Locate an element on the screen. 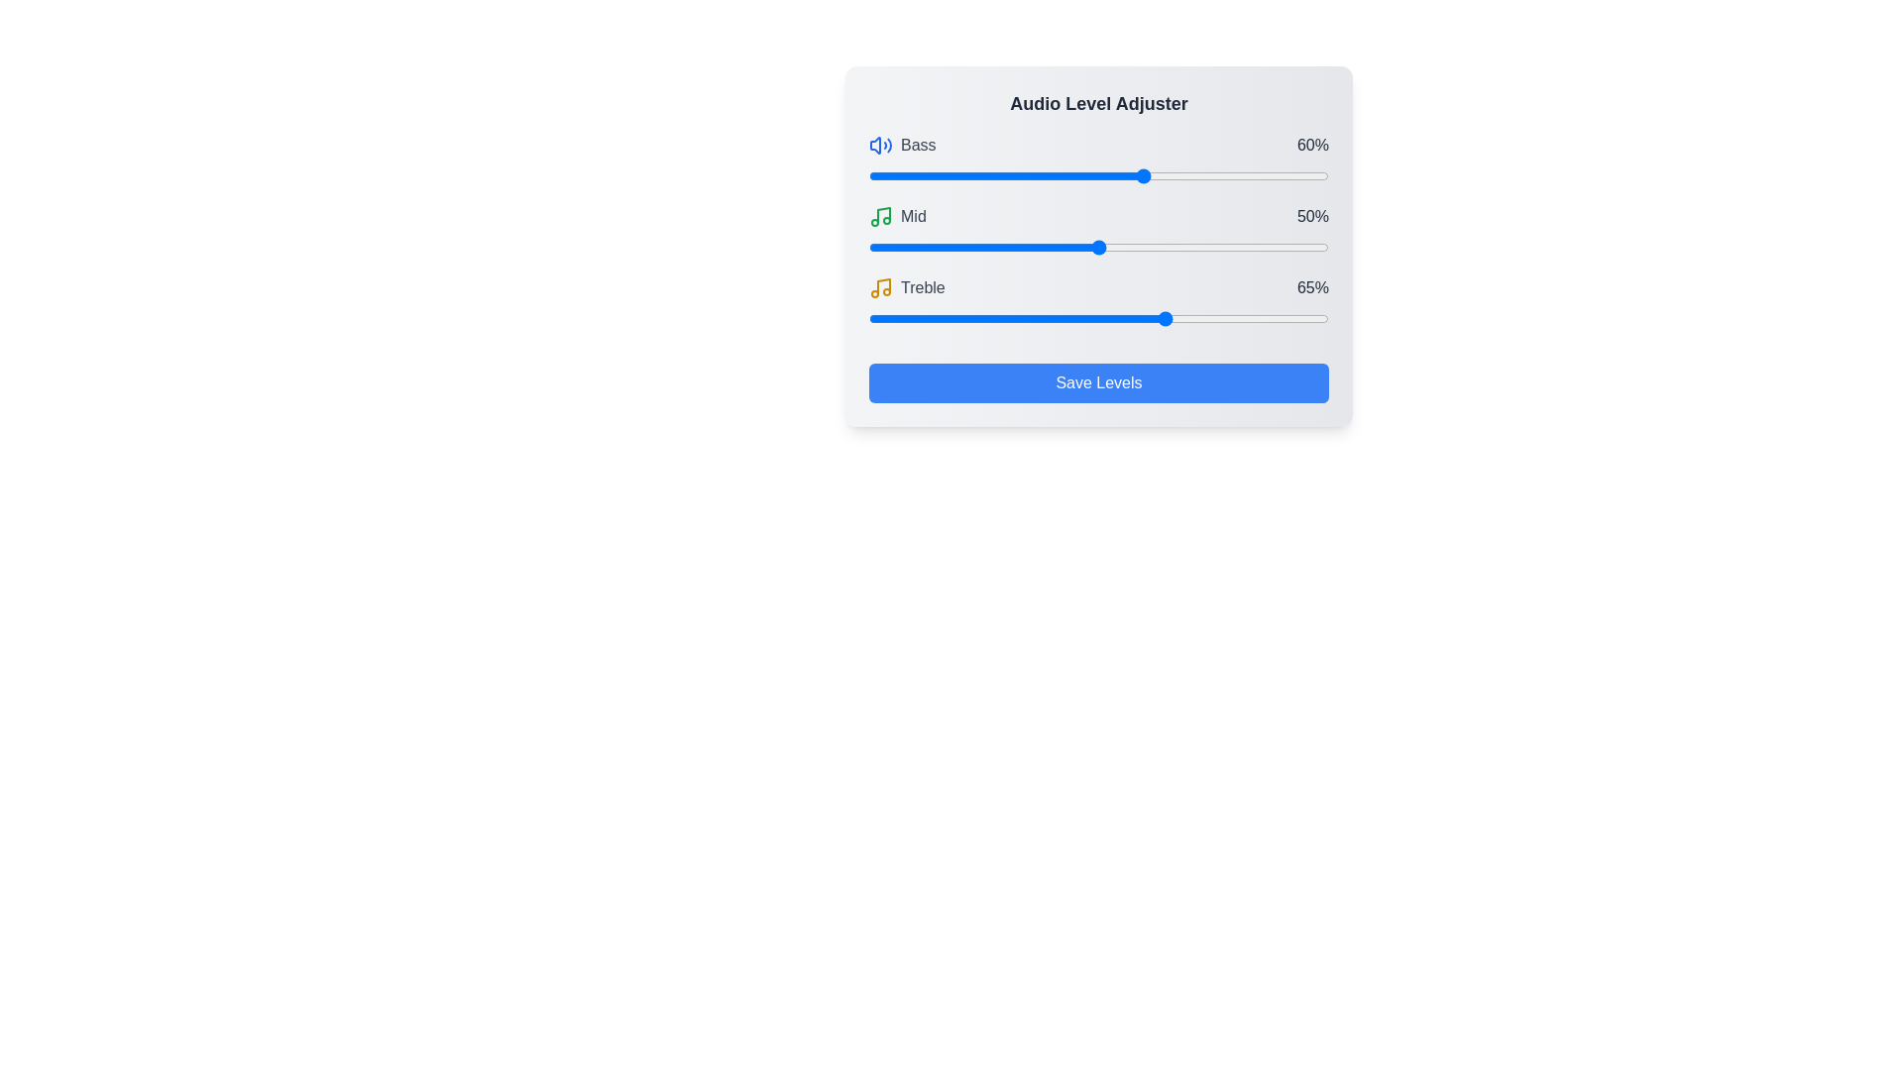  the 'Mid' audio level is located at coordinates (1025, 247).